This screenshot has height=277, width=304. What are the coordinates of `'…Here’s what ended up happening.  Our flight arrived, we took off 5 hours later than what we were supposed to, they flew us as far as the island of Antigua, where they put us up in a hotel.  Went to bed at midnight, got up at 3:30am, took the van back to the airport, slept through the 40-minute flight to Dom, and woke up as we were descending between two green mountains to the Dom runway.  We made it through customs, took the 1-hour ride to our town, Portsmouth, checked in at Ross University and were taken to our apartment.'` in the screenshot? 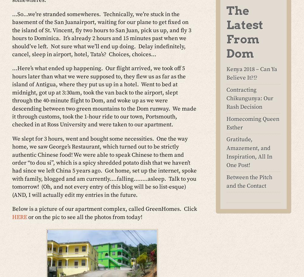 It's located at (12, 97).